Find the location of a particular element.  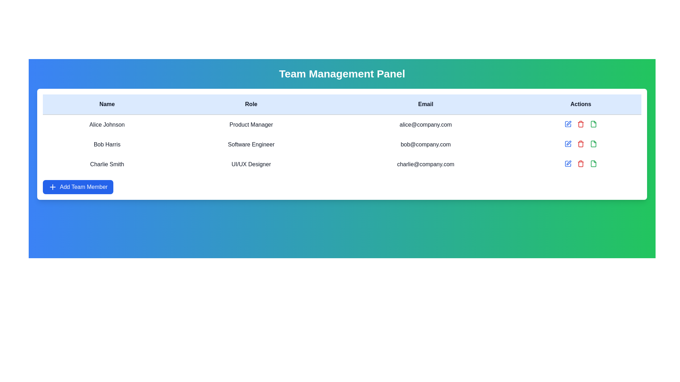

the red trash can icon button is located at coordinates (581, 163).